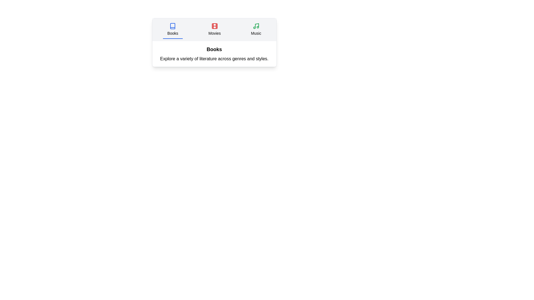 The image size is (534, 300). I want to click on the Books tab to select it, so click(172, 30).